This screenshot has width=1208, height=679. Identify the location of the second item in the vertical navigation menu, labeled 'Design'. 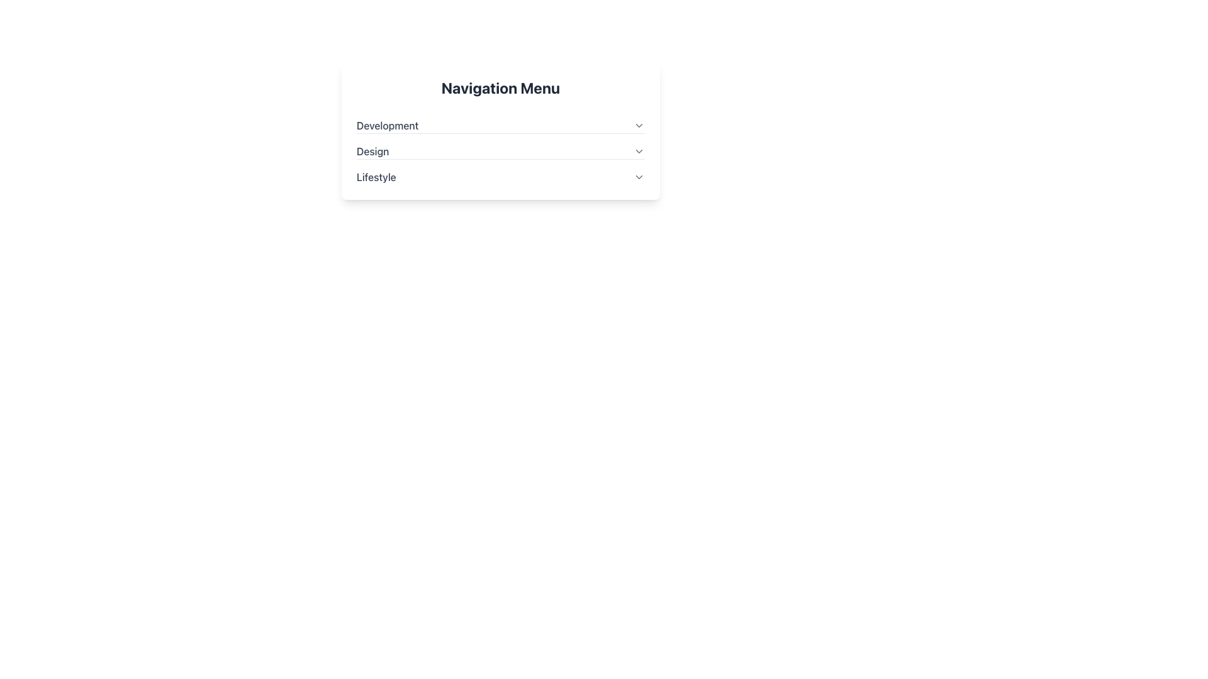
(500, 145).